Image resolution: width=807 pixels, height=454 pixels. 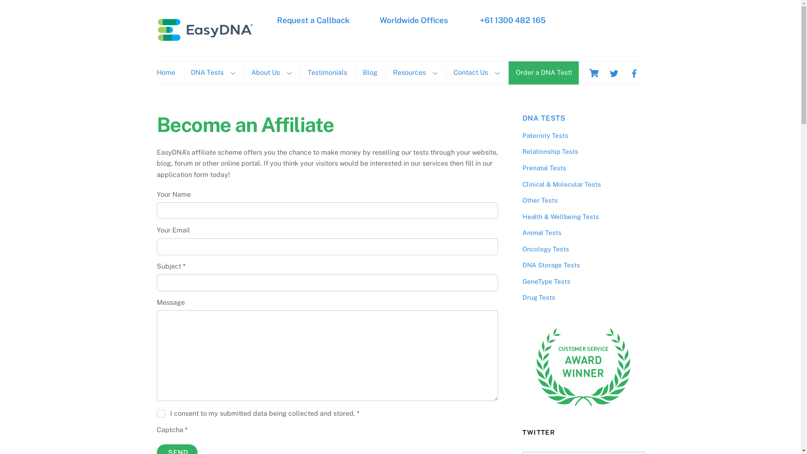 What do you see at coordinates (560, 216) in the screenshot?
I see `'Health & Wellbeing Tests'` at bounding box center [560, 216].